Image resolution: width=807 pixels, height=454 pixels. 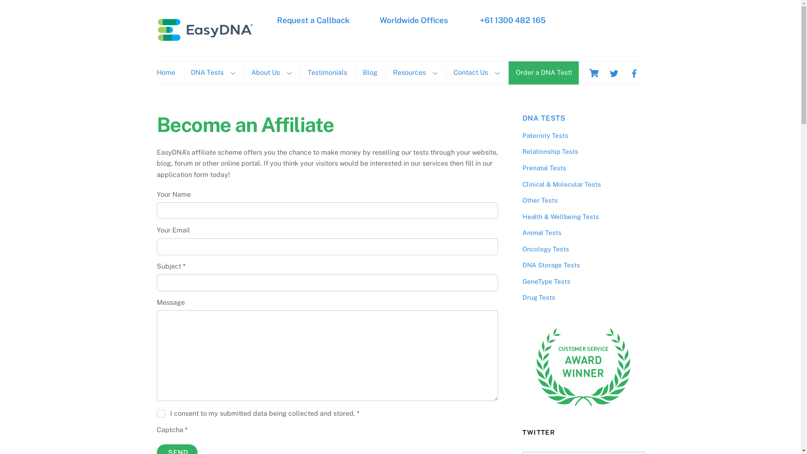 What do you see at coordinates (560, 216) in the screenshot?
I see `'Health & Wellbeing Tests'` at bounding box center [560, 216].